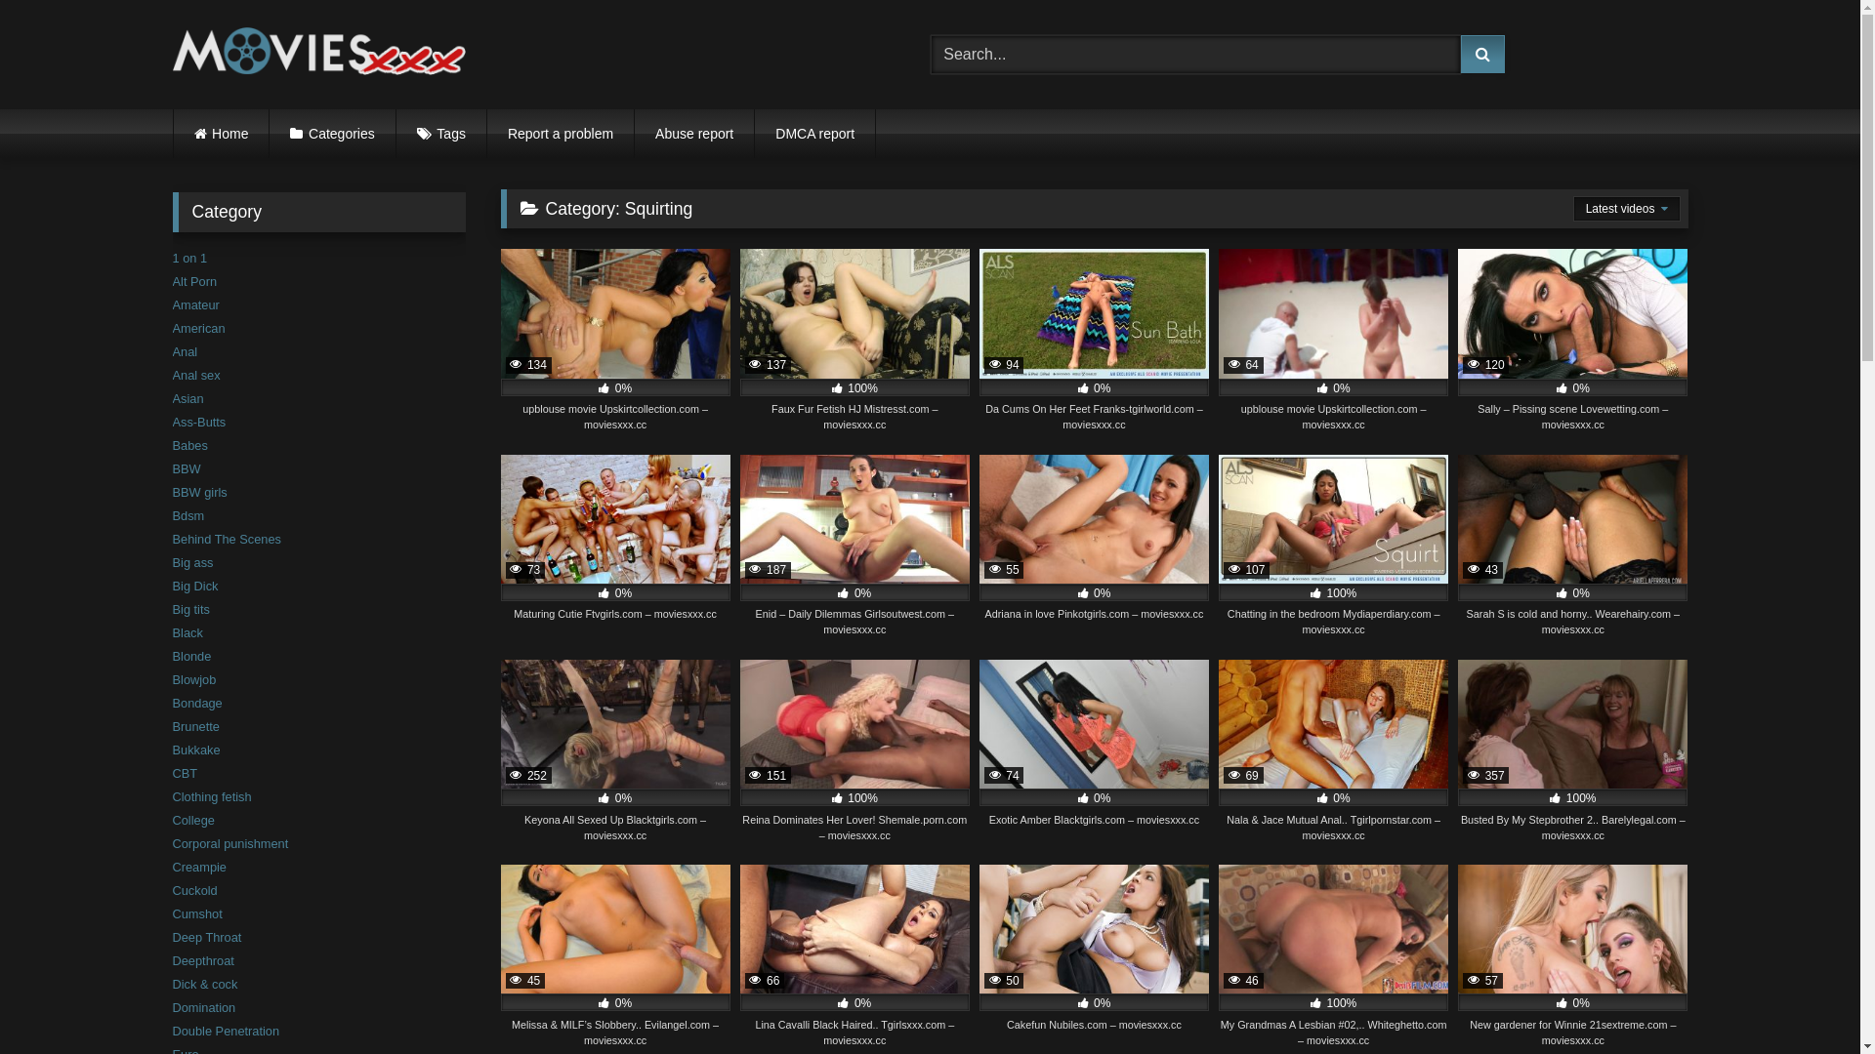  What do you see at coordinates (172, 539) in the screenshot?
I see `'Behind The Scenes'` at bounding box center [172, 539].